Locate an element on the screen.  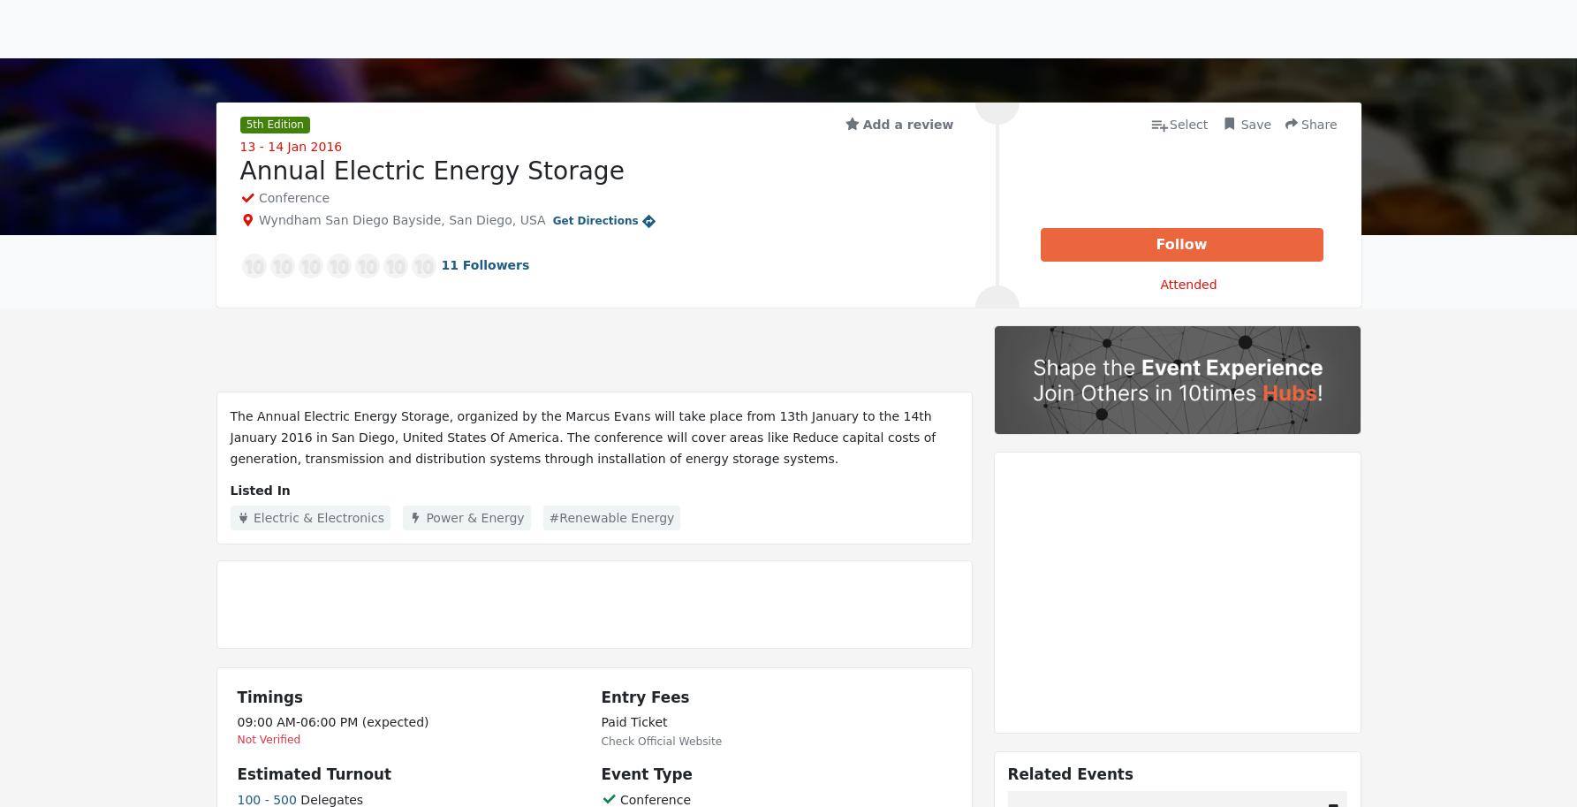
'Afuwape Afeez Ajani' is located at coordinates (503, 229).